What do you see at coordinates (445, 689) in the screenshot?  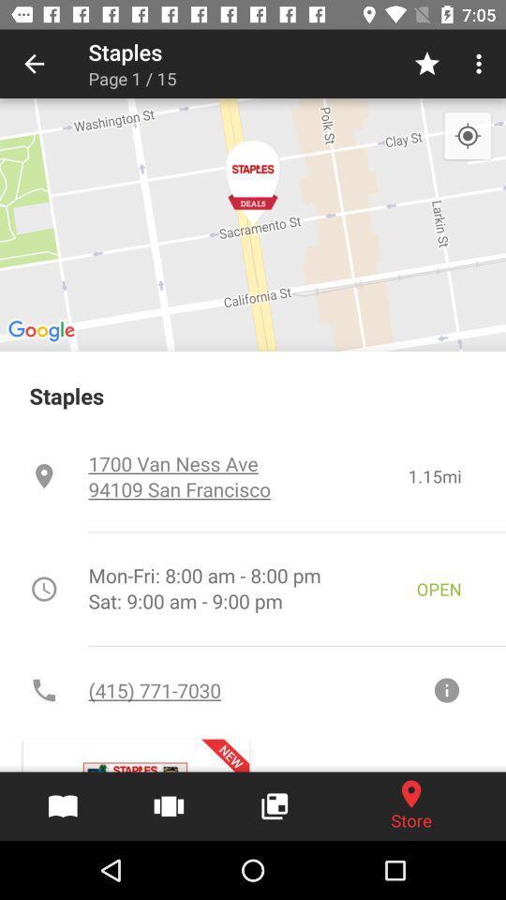 I see `the info icon` at bounding box center [445, 689].